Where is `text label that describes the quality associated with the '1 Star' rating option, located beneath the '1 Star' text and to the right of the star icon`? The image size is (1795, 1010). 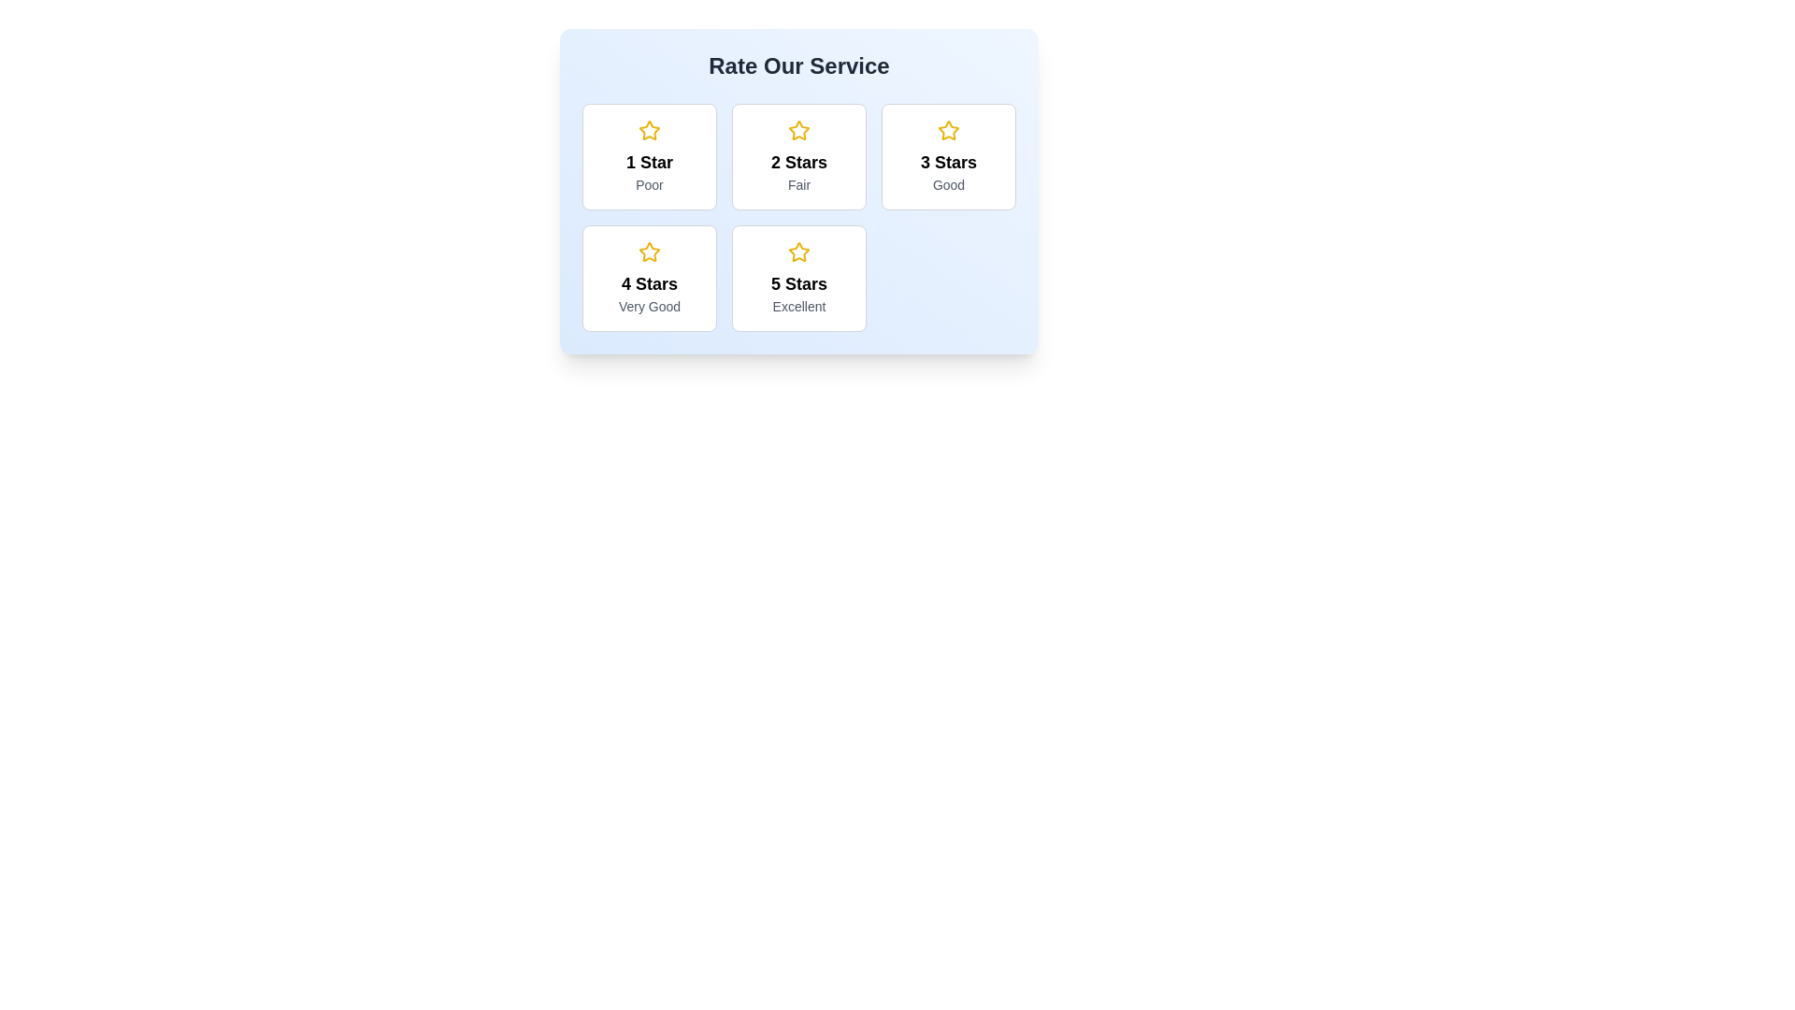
text label that describes the quality associated with the '1 Star' rating option, located beneath the '1 Star' text and to the right of the star icon is located at coordinates (650, 184).